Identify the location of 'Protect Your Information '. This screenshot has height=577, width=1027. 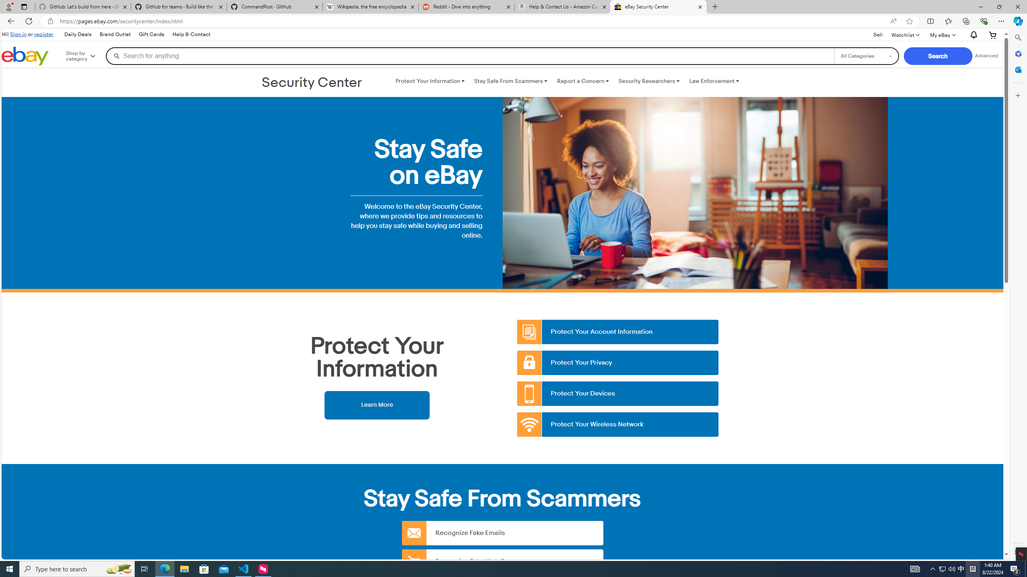
(430, 81).